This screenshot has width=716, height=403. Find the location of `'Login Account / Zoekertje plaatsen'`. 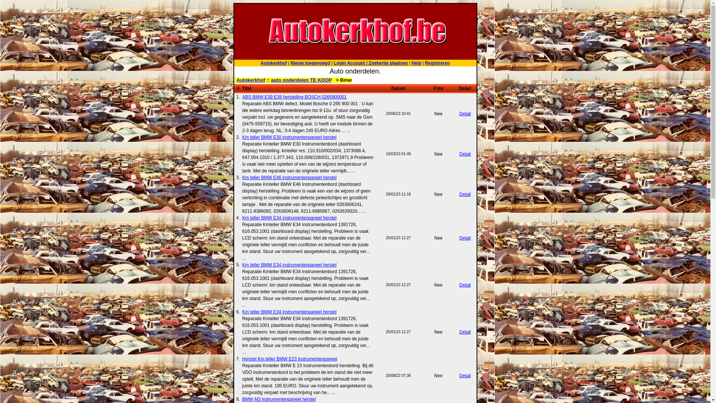

'Login Account / Zoekertje plaatsen' is located at coordinates (333, 63).